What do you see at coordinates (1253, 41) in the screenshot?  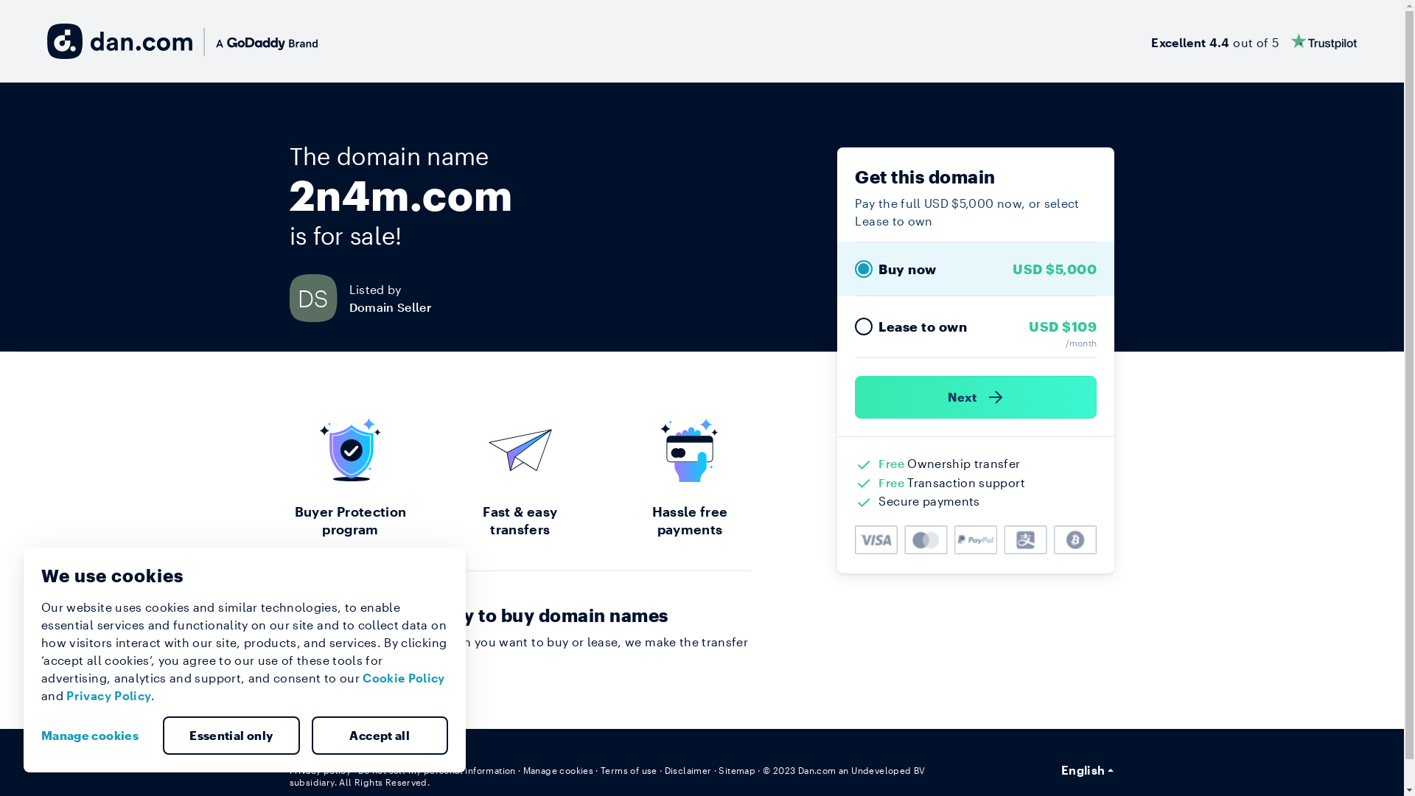 I see `'Excellent 4.4 out of 5'` at bounding box center [1253, 41].